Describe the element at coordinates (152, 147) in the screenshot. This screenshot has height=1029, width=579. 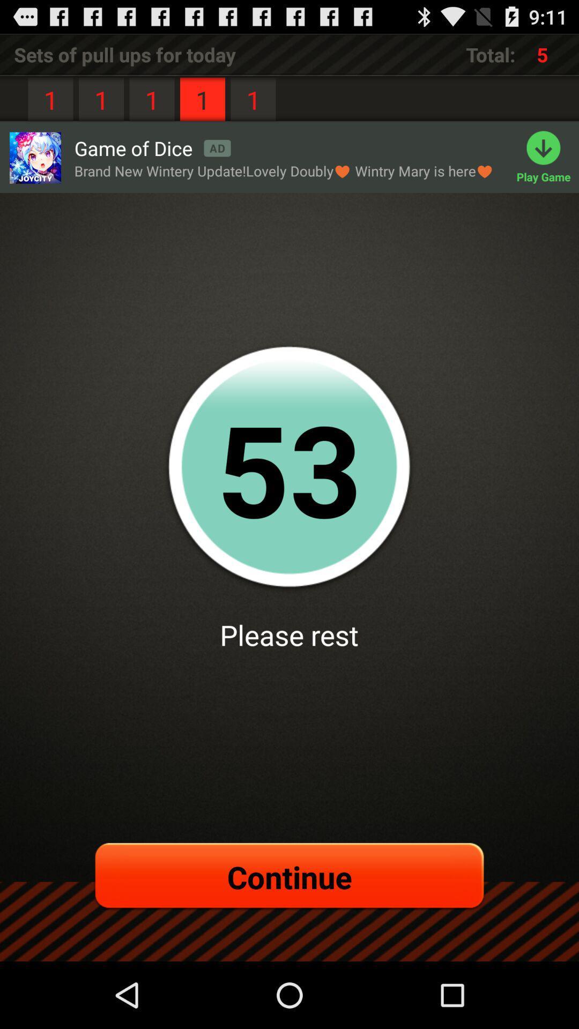
I see `game of dice` at that location.